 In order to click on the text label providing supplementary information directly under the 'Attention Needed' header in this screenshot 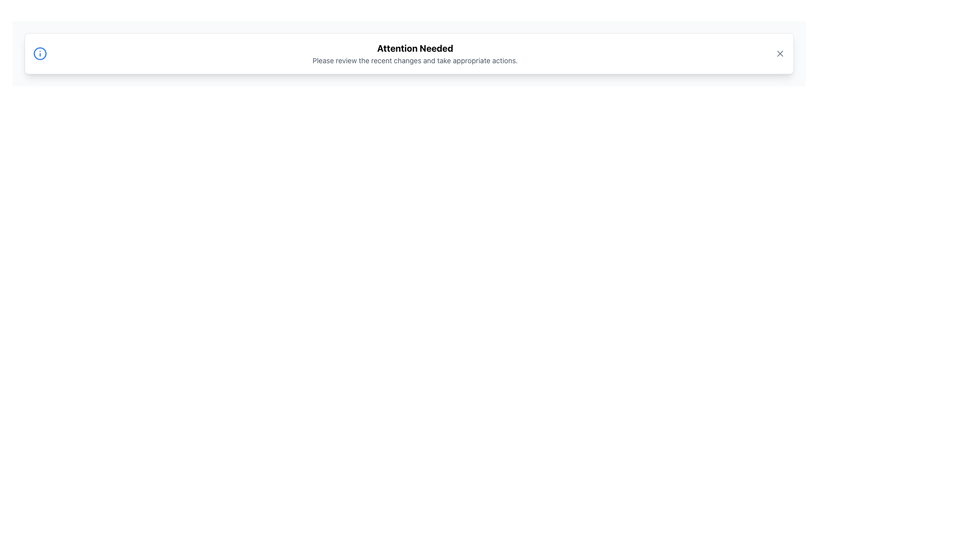, I will do `click(415, 60)`.